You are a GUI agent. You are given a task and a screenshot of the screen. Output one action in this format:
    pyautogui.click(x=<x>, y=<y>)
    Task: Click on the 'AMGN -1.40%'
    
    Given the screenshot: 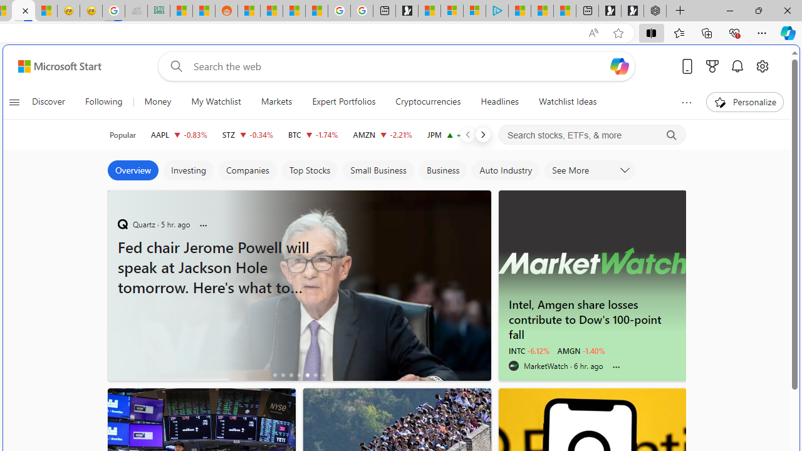 What is the action you would take?
    pyautogui.click(x=581, y=351)
    